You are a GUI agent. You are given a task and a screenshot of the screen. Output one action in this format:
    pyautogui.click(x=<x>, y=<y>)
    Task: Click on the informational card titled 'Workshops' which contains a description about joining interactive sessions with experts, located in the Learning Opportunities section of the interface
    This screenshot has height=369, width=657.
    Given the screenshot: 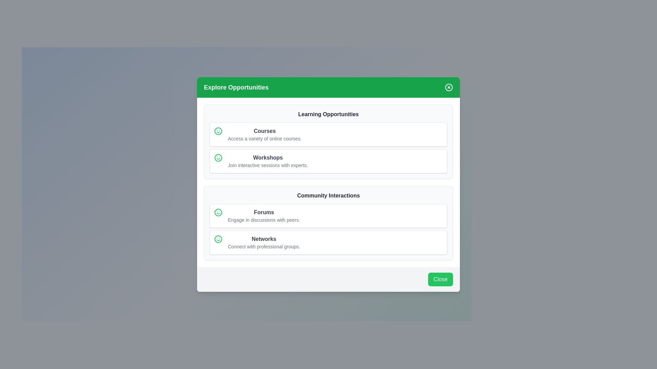 What is the action you would take?
    pyautogui.click(x=268, y=161)
    